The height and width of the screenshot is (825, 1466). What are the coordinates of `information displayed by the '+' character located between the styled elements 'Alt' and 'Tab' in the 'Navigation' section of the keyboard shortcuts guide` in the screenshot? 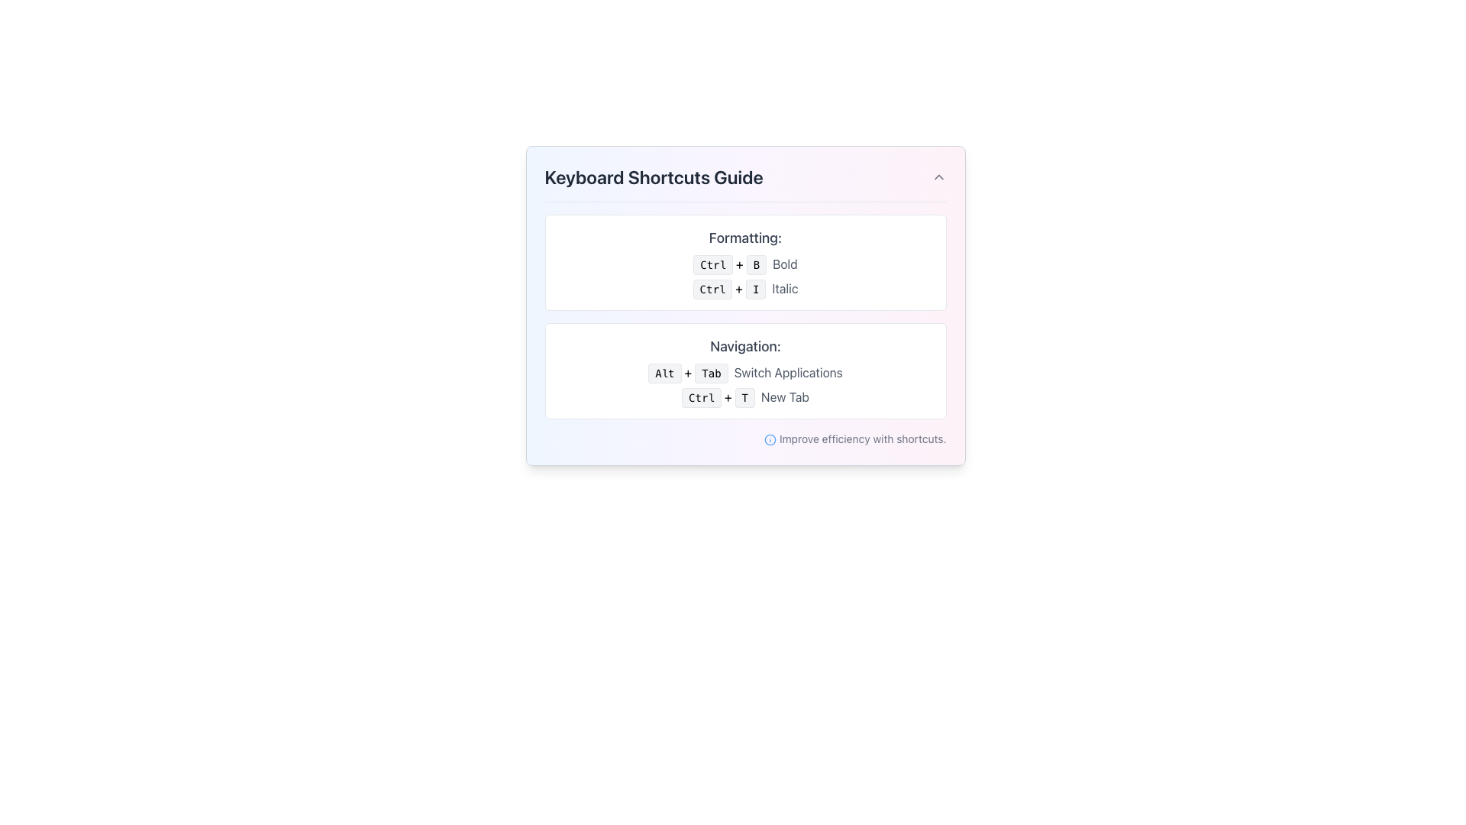 It's located at (687, 373).